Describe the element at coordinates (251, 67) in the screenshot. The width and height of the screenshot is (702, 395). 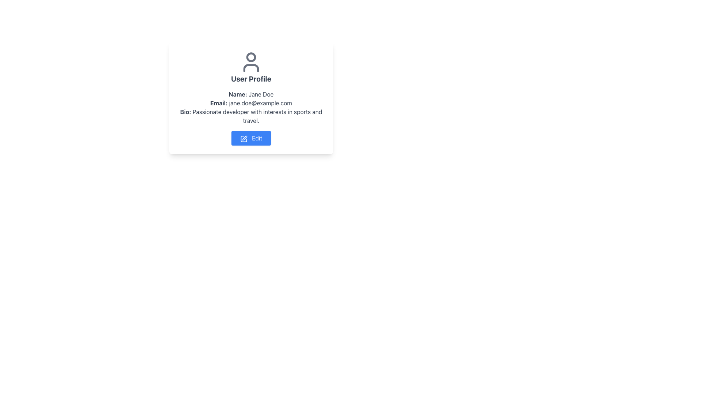
I see `the static header element that features a gray user silhouette icon and 'User Profile' text beneath it, centrally aligned within the user profile card` at that location.